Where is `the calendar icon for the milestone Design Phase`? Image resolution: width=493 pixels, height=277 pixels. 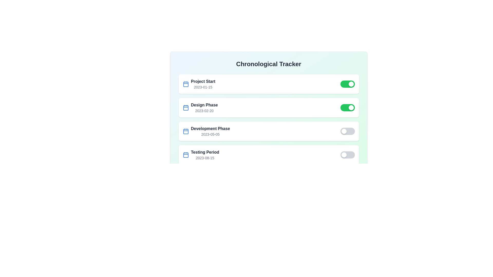
the calendar icon for the milestone Design Phase is located at coordinates (185, 107).